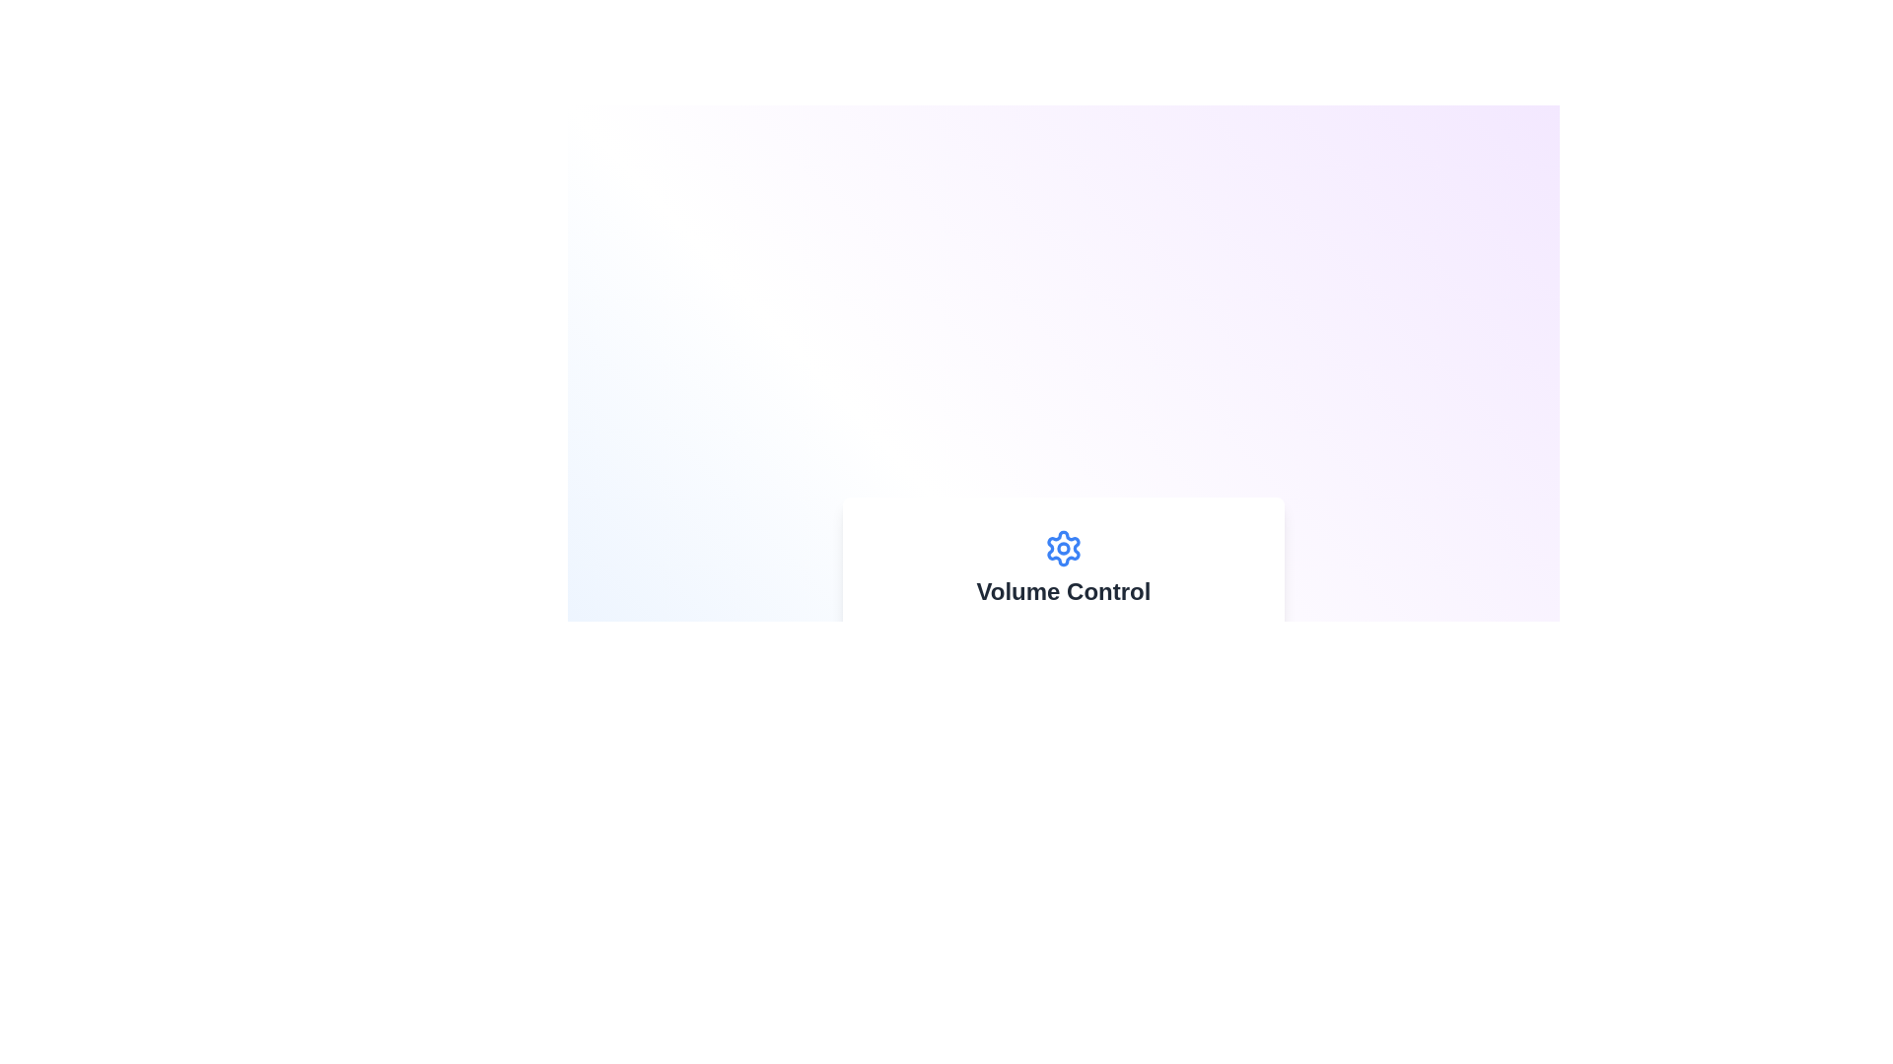 Image resolution: width=1893 pixels, height=1064 pixels. Describe the element at coordinates (1063, 548) in the screenshot. I see `the circular blue gear icon, which represents settings, located in the 'Volume Control' section above the text 'Volume Control'` at that location.